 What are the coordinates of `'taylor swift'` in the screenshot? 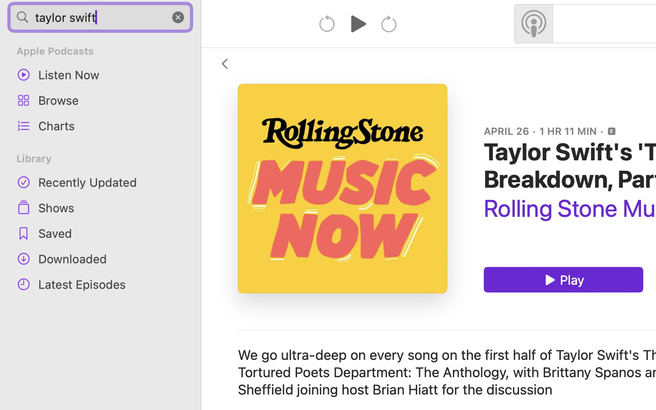 It's located at (100, 16).